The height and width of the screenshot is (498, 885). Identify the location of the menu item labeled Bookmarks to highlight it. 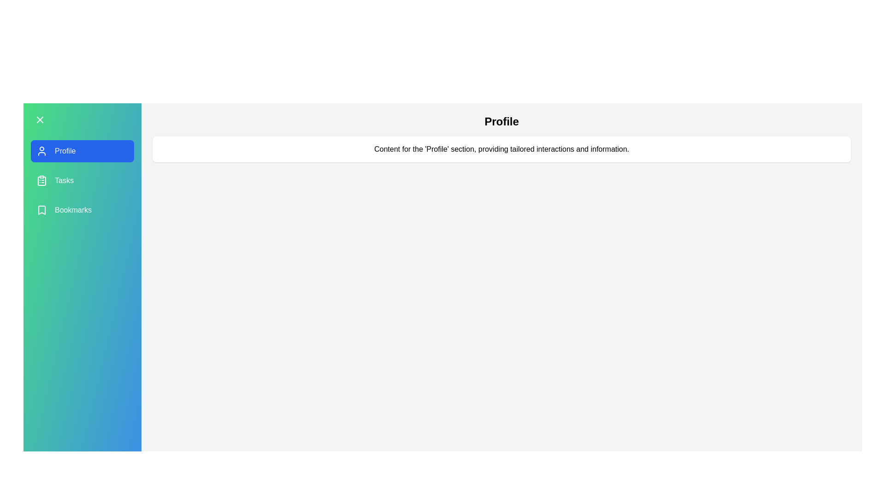
(82, 210).